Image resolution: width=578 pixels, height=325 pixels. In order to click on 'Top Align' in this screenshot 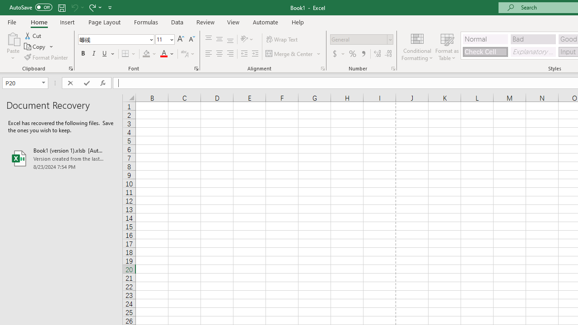, I will do `click(208, 39)`.